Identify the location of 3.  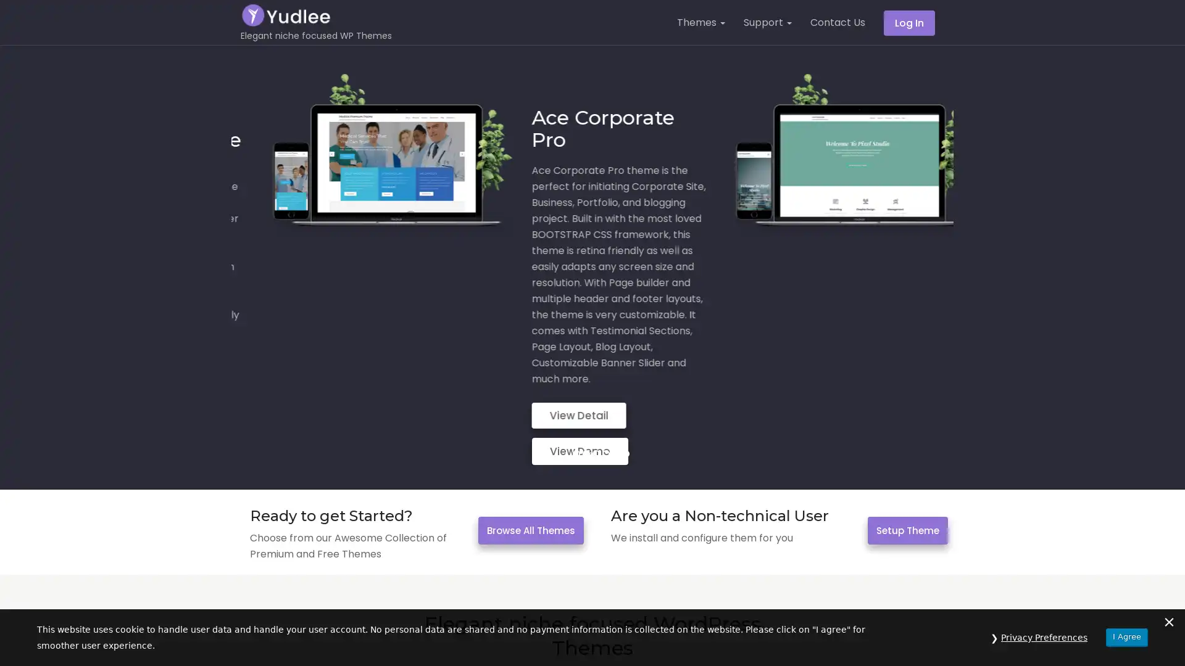
(595, 367).